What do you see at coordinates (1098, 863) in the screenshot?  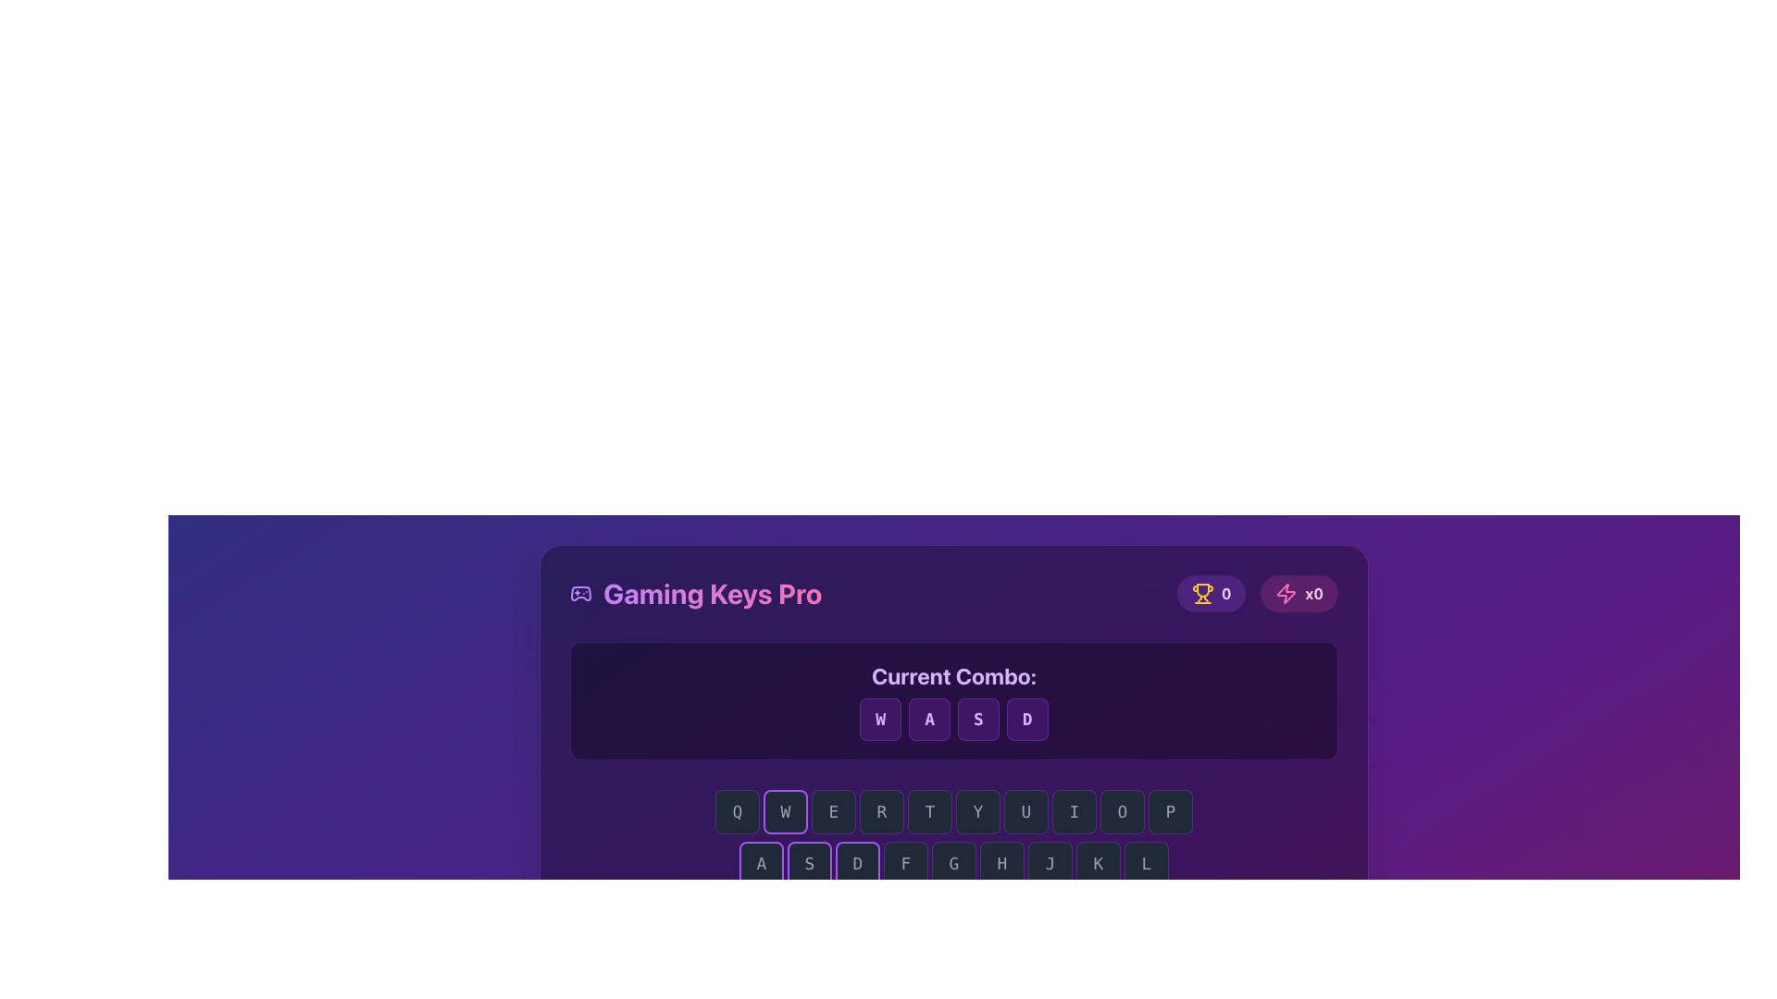 I see `the square-shaped key with a dark gray background and a centered letter 'K', which is the eighth key from the left in the row of keyboard-style keys 'ASDFGHJKL'` at bounding box center [1098, 863].